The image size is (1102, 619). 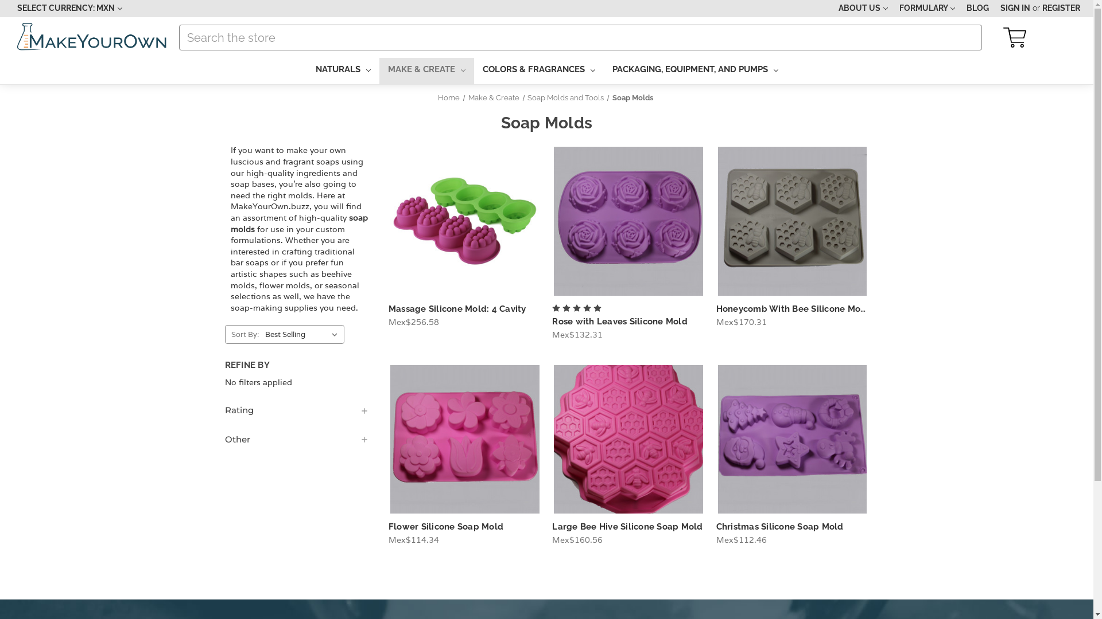 What do you see at coordinates (494, 97) in the screenshot?
I see `'Make & Create'` at bounding box center [494, 97].